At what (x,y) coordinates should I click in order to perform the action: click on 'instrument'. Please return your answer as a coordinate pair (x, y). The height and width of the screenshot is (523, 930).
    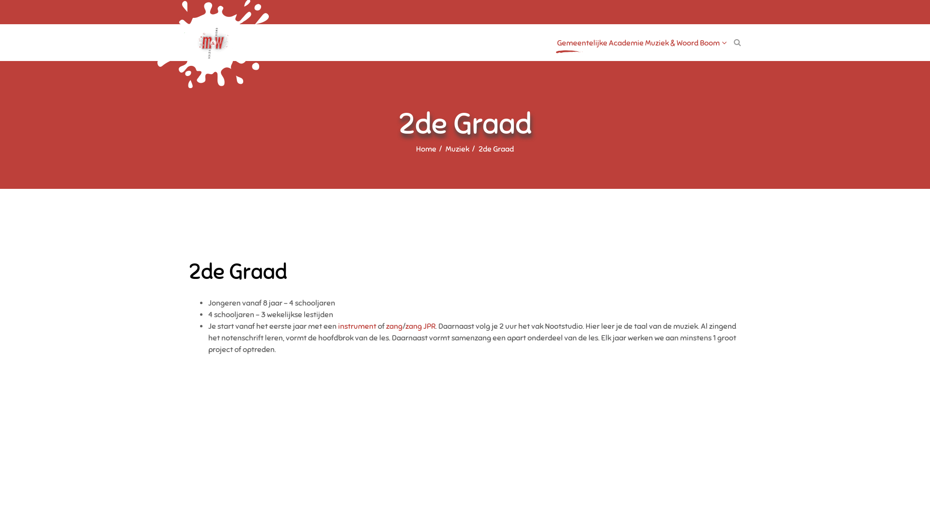
    Looking at the image, I should click on (356, 326).